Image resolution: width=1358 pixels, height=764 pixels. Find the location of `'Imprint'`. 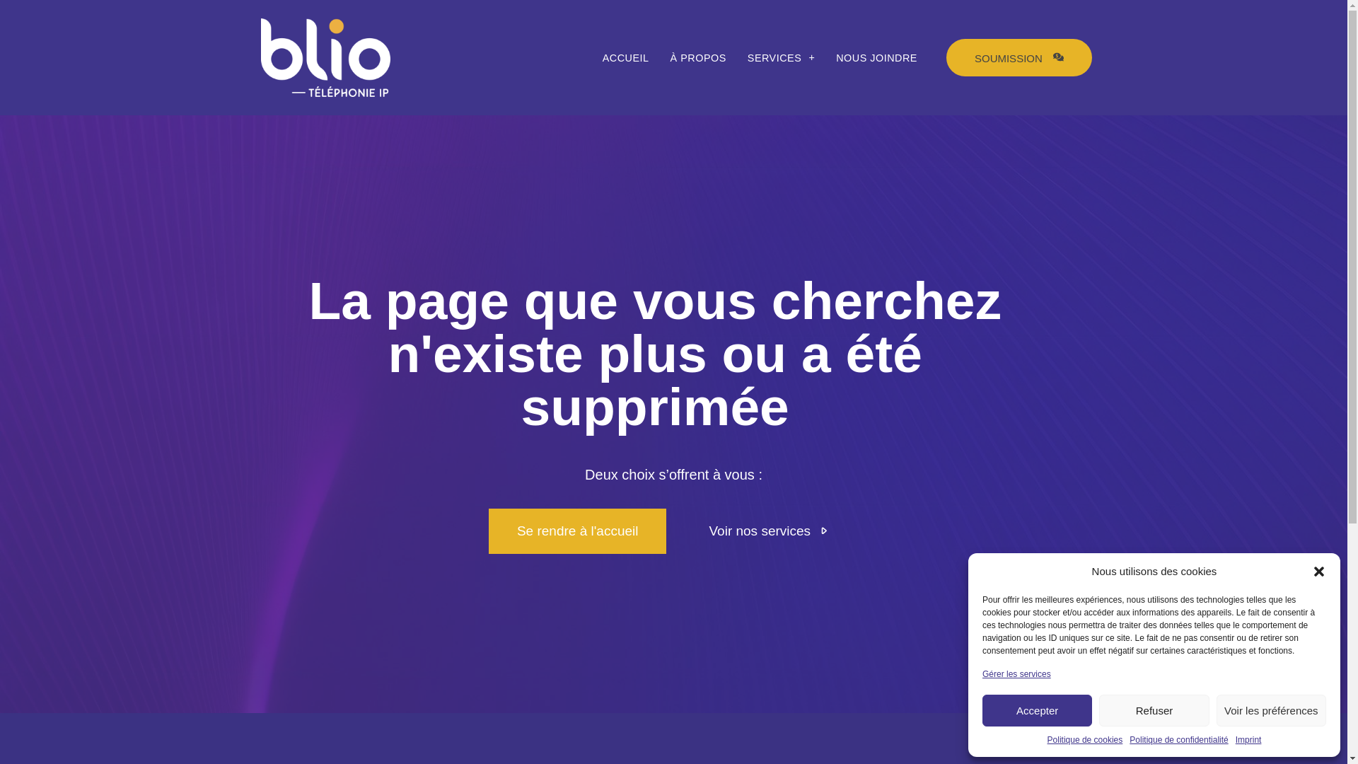

'Imprint' is located at coordinates (1235, 739).